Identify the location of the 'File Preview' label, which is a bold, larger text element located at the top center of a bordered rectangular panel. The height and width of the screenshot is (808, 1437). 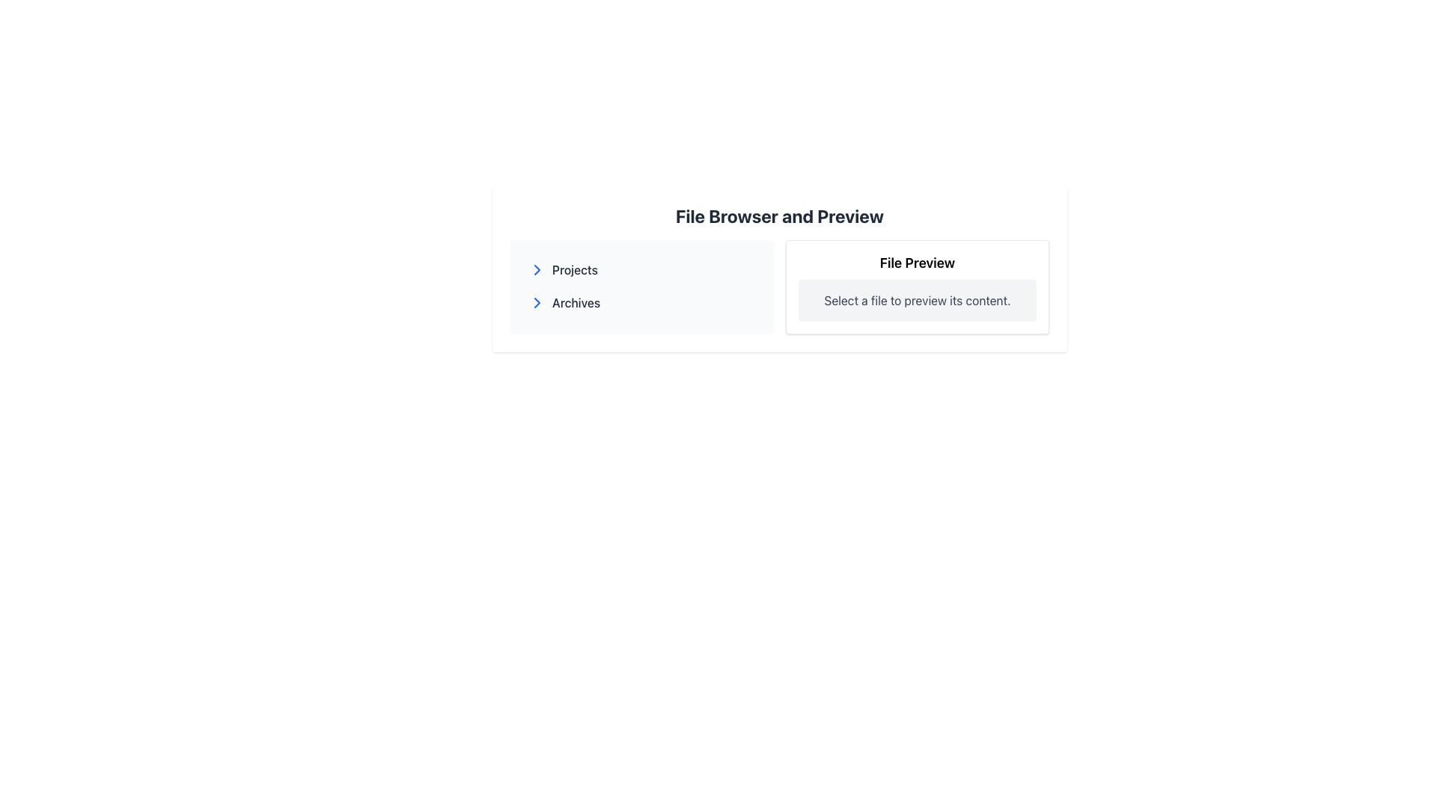
(916, 262).